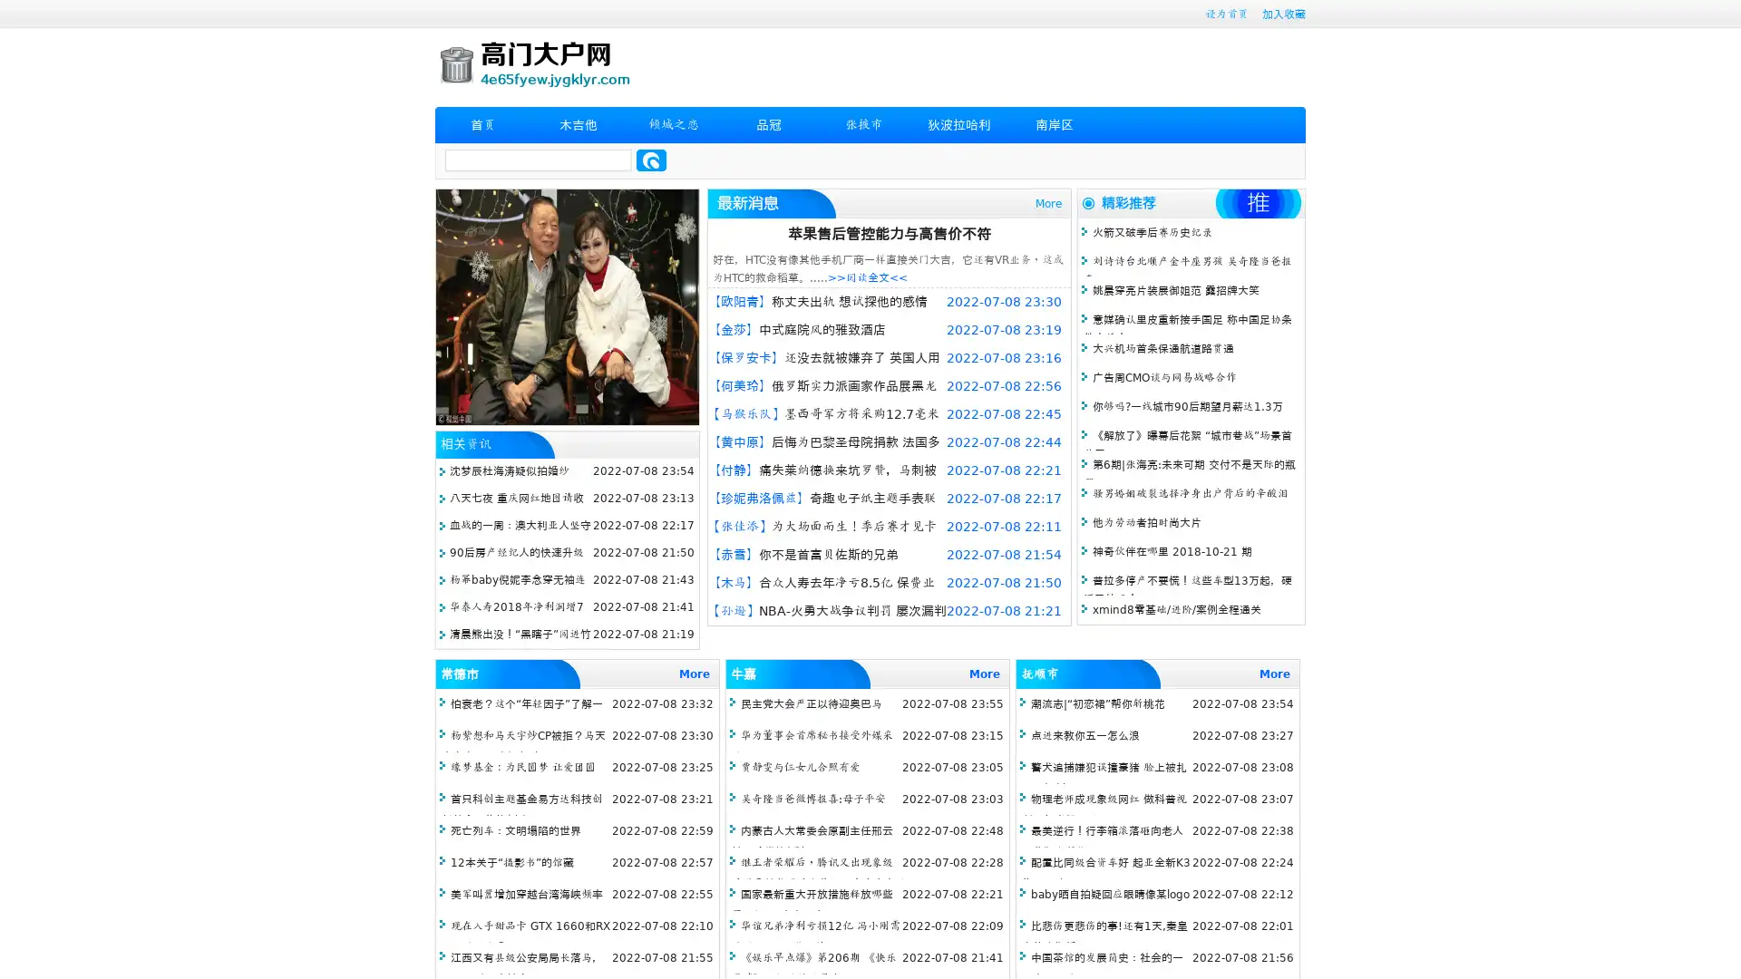 The height and width of the screenshot is (979, 1741). Describe the element at coordinates (651, 160) in the screenshot. I see `Search` at that location.